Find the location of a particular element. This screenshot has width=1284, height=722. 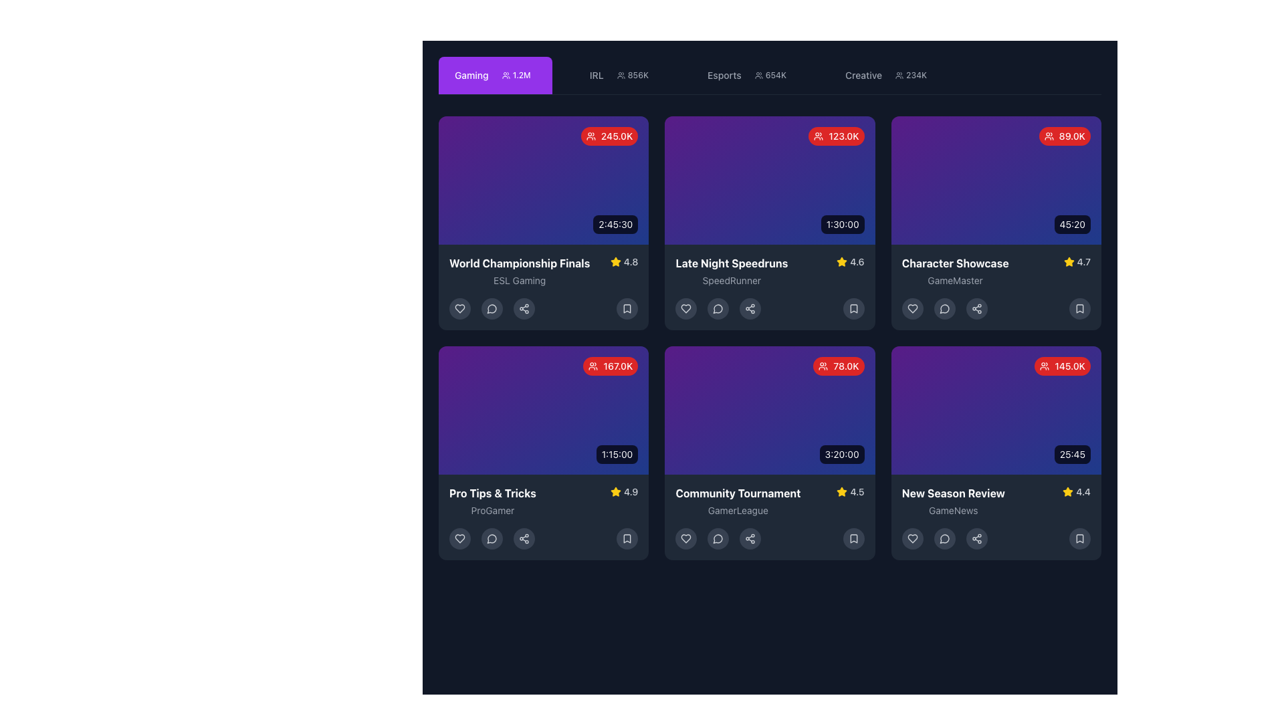

the second icon button in the control group below the 'Late Night Speedruns' card is located at coordinates (718, 309).